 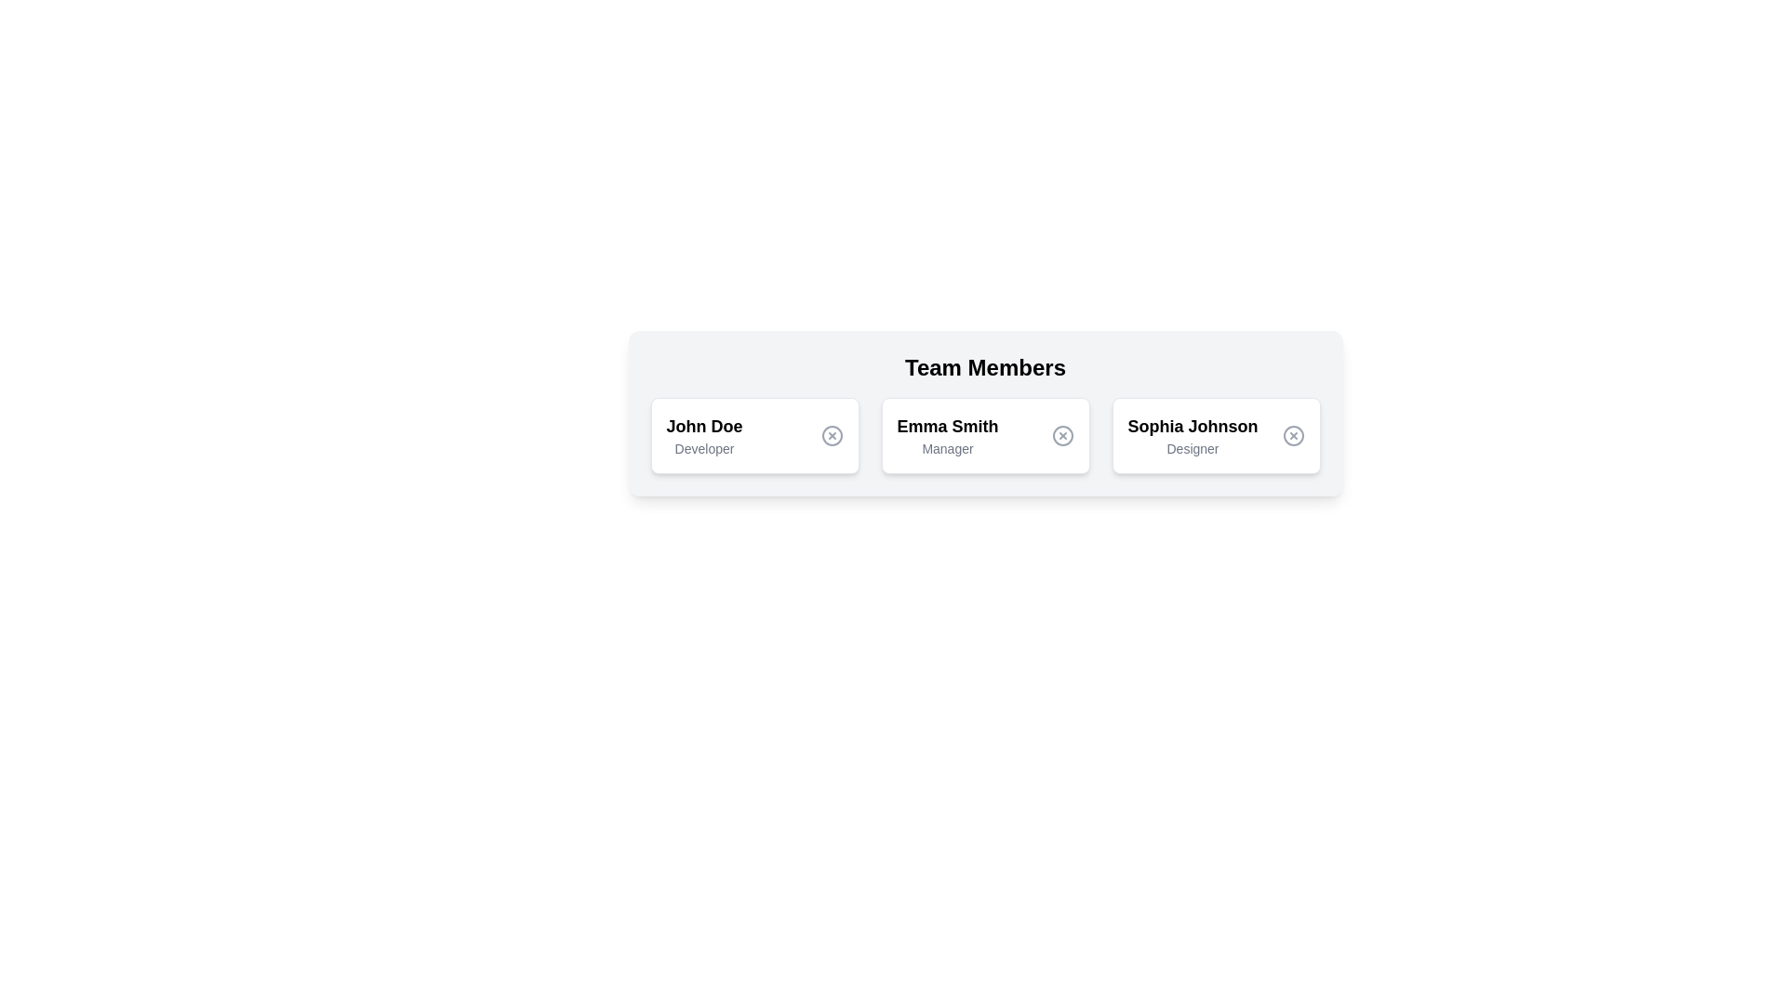 I want to click on the profile card of Sophia Johnson, so click(x=1216, y=436).